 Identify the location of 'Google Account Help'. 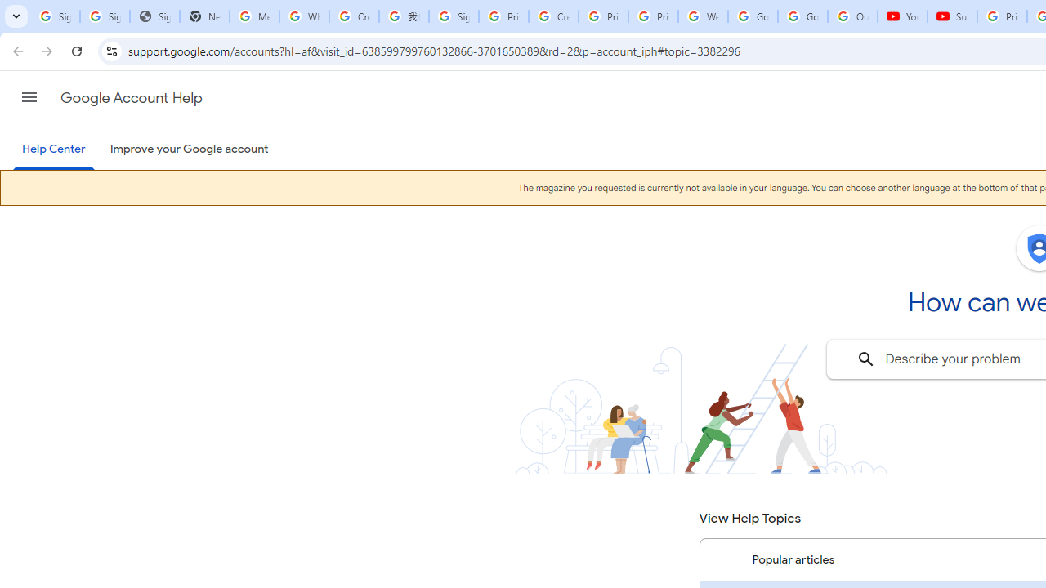
(131, 97).